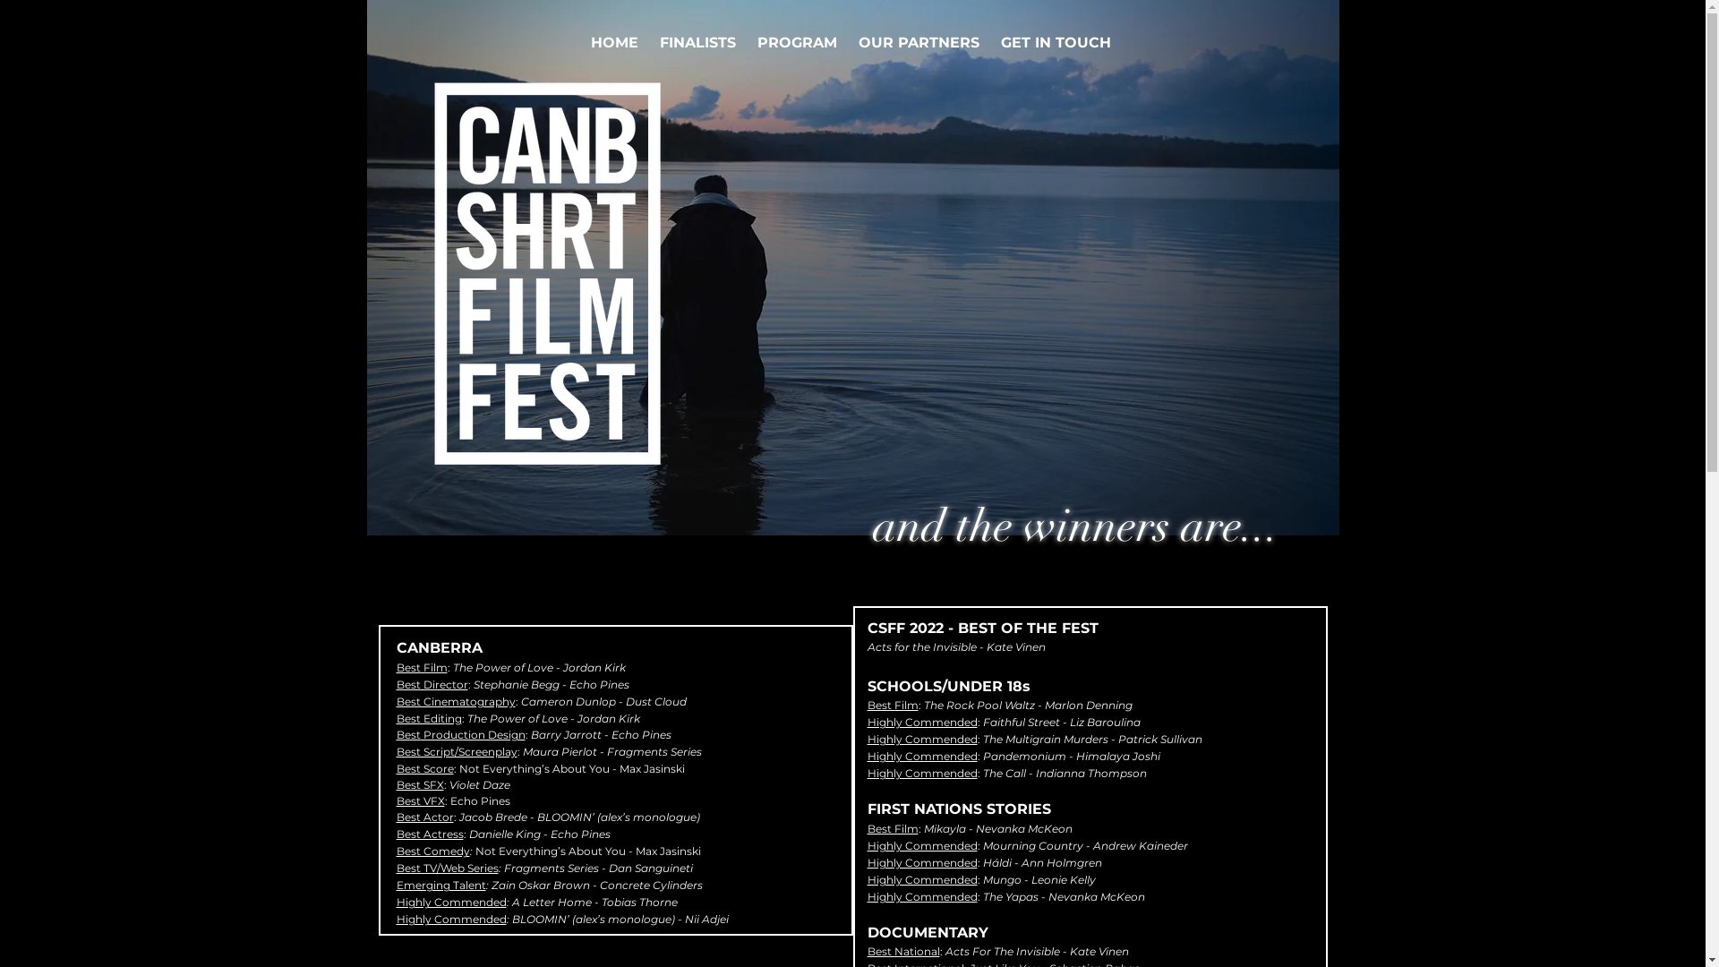 The height and width of the screenshot is (967, 1719). What do you see at coordinates (614, 41) in the screenshot?
I see `'HOME'` at bounding box center [614, 41].